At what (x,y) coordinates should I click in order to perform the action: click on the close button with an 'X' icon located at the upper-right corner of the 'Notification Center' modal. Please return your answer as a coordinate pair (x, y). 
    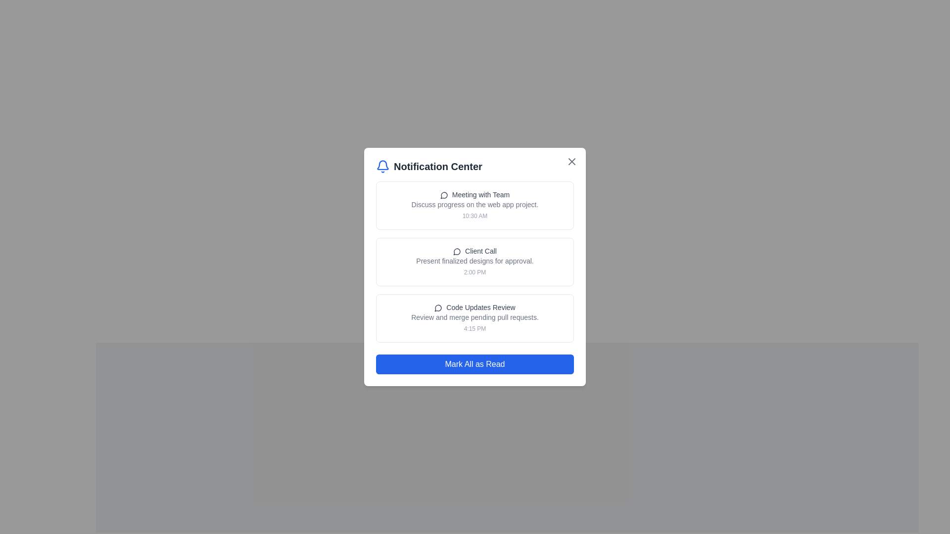
    Looking at the image, I should click on (572, 161).